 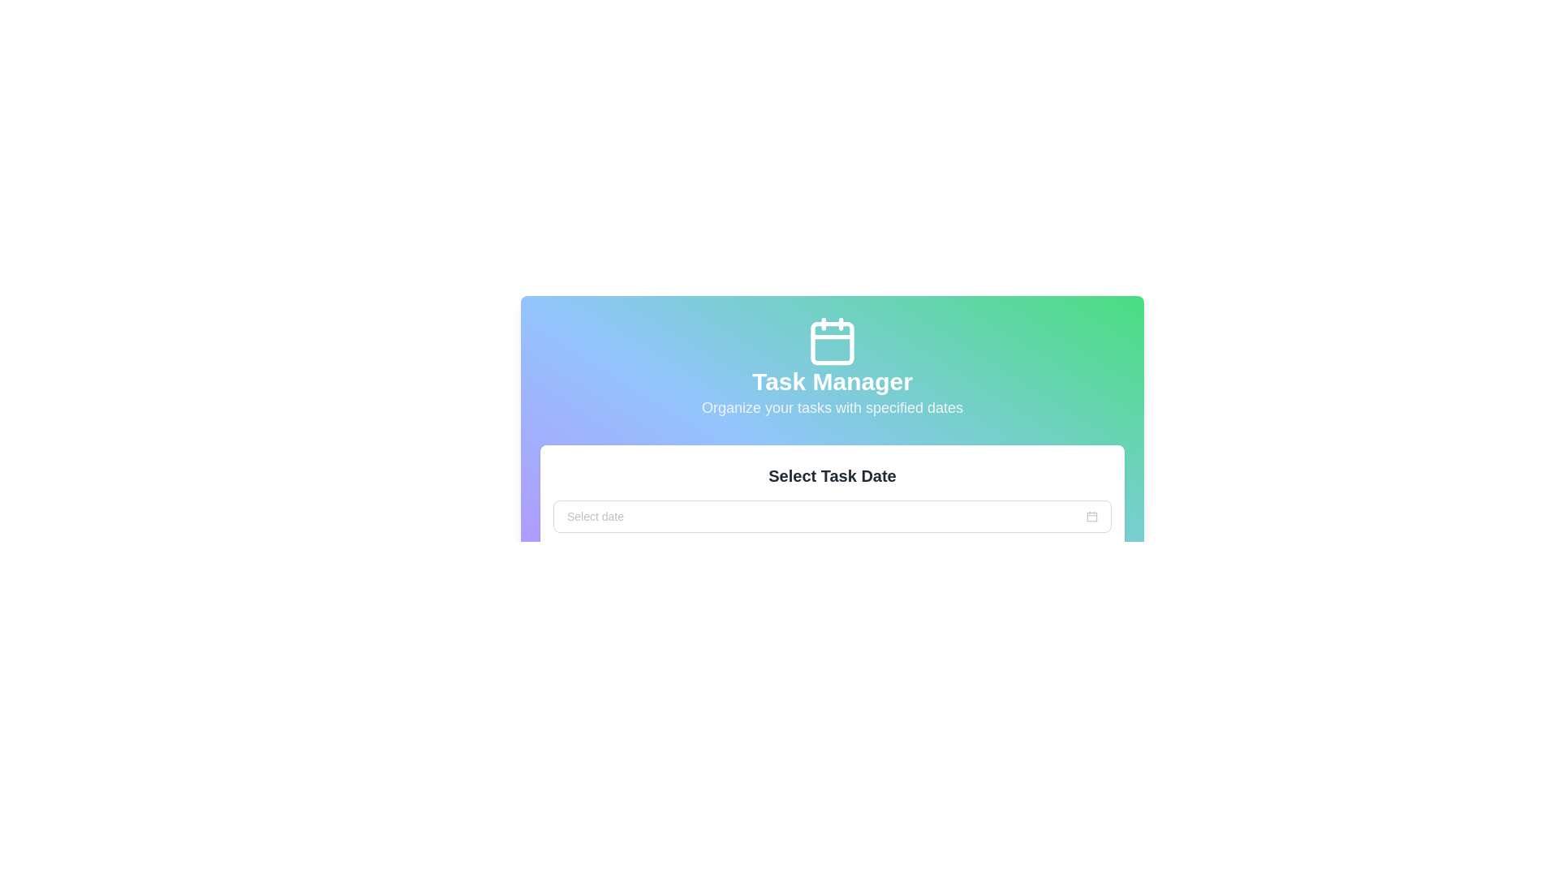 What do you see at coordinates (1091, 516) in the screenshot?
I see `the calendar icon located at the far-right side of the 'Select date' input field` at bounding box center [1091, 516].